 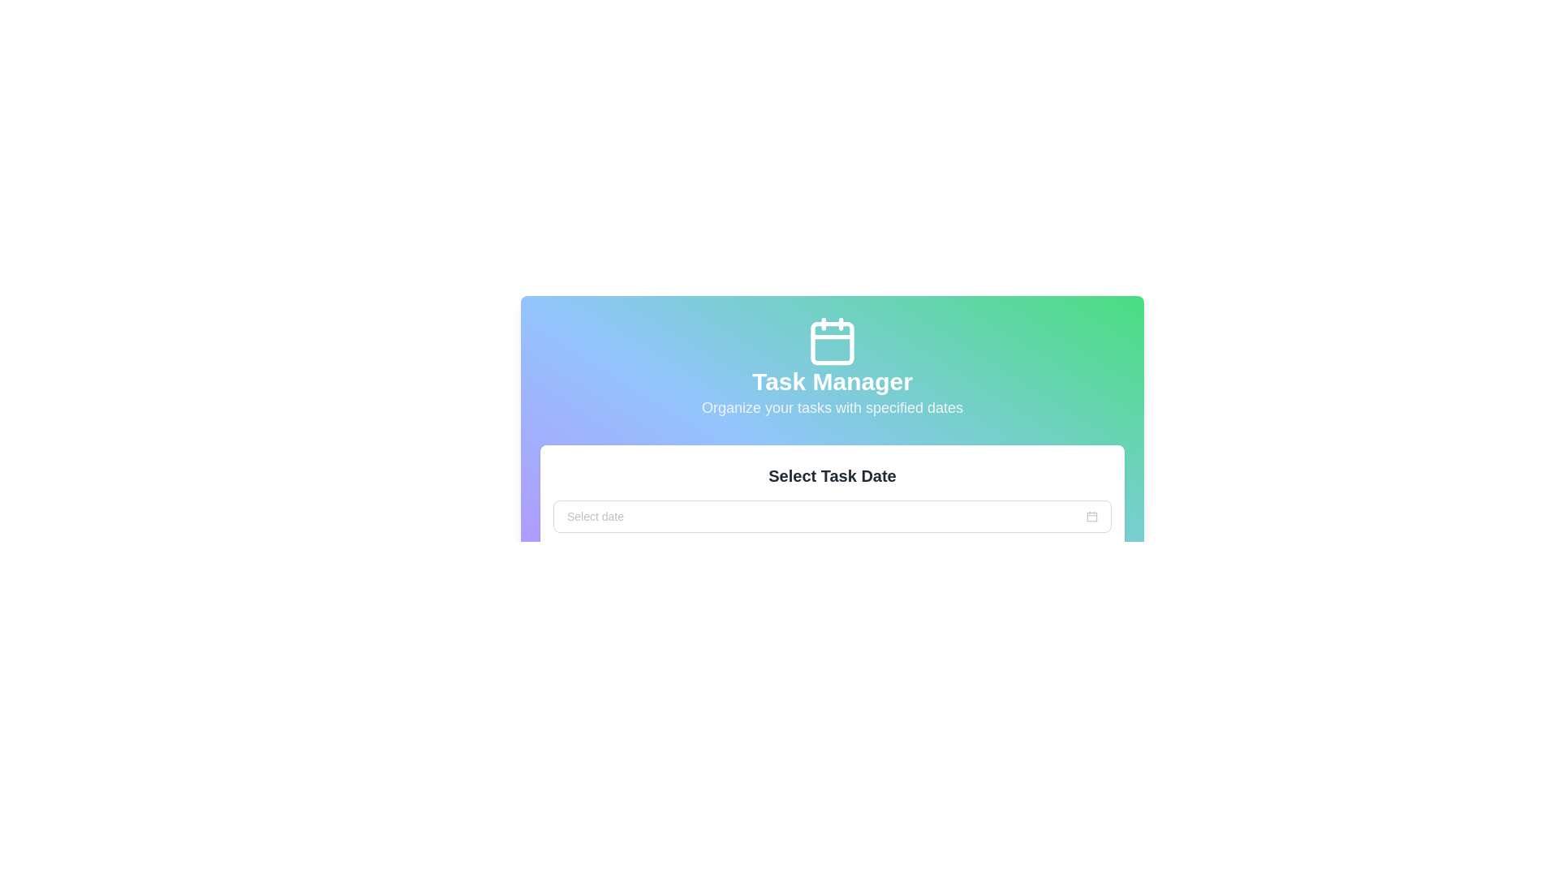 What do you see at coordinates (1091, 516) in the screenshot?
I see `the calendar icon located at the far-right side of the 'Select date' input field` at bounding box center [1091, 516].